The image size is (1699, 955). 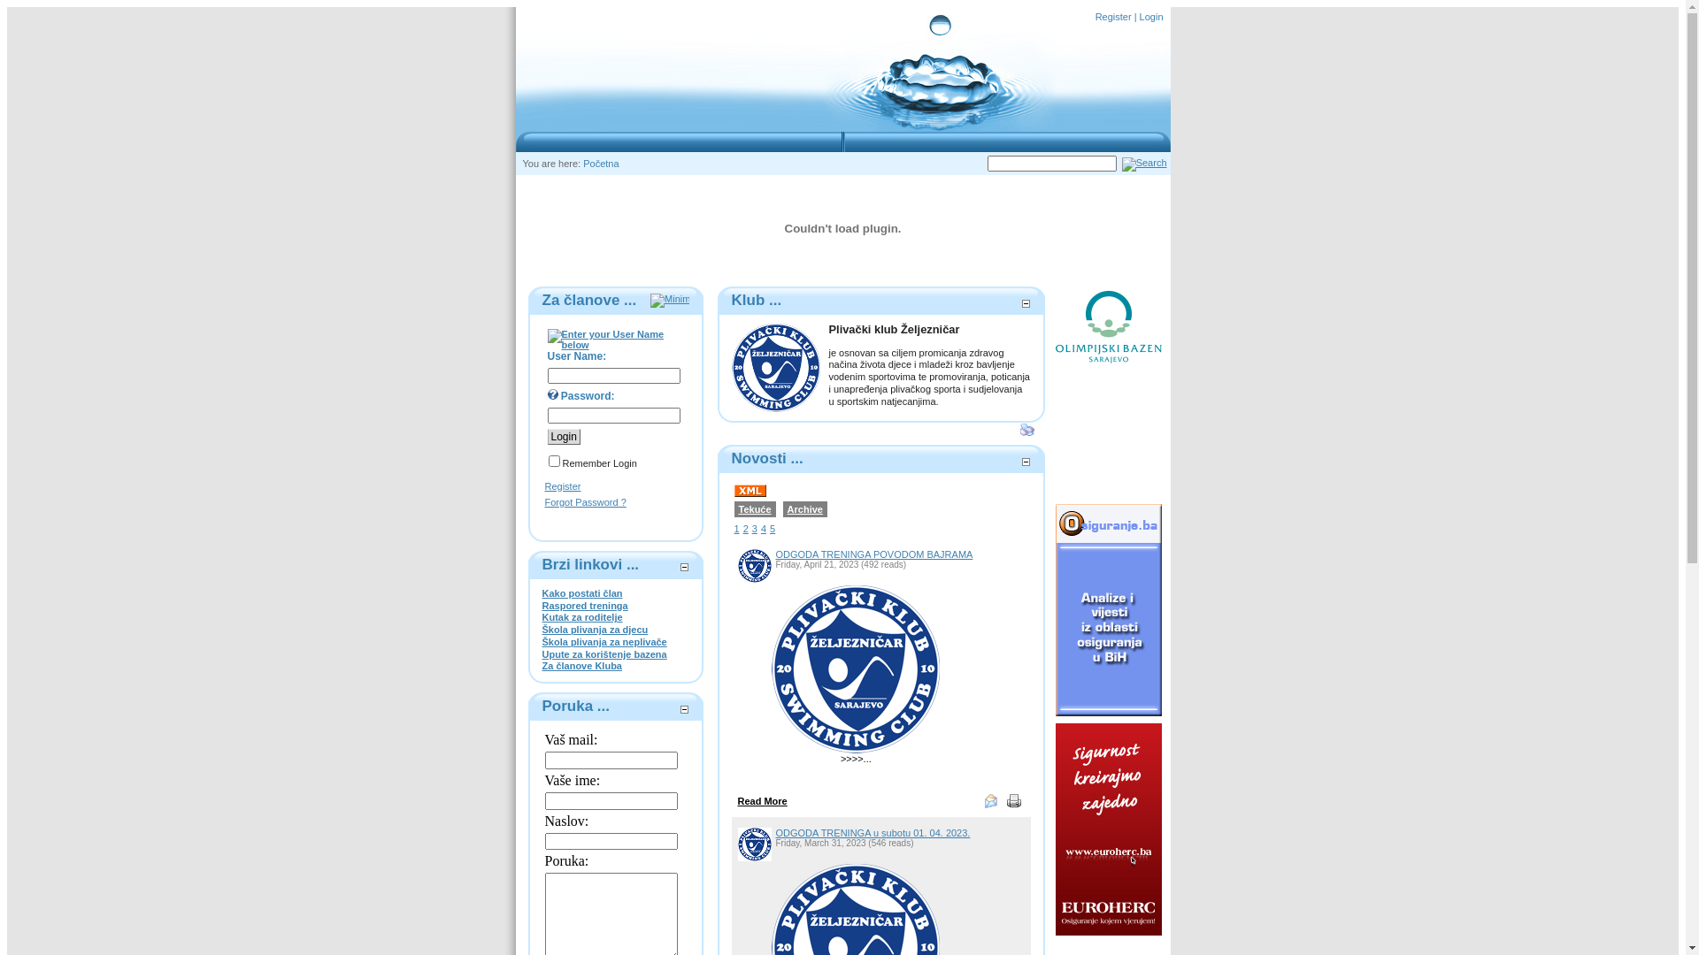 What do you see at coordinates (1112, 17) in the screenshot?
I see `'Register'` at bounding box center [1112, 17].